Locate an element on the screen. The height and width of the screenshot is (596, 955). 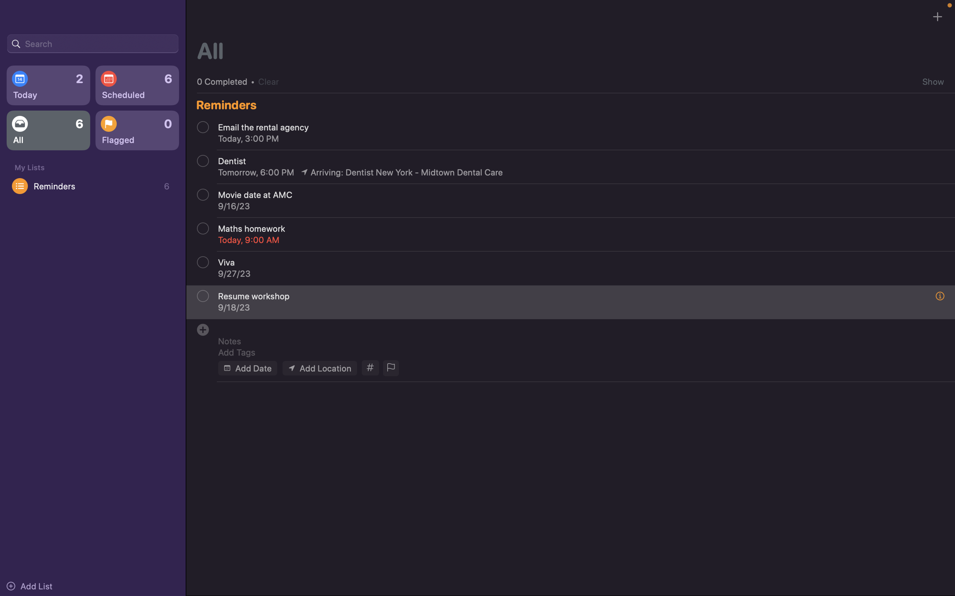
Assign the tags "school" and "homework" to the event is located at coordinates (369, 367).